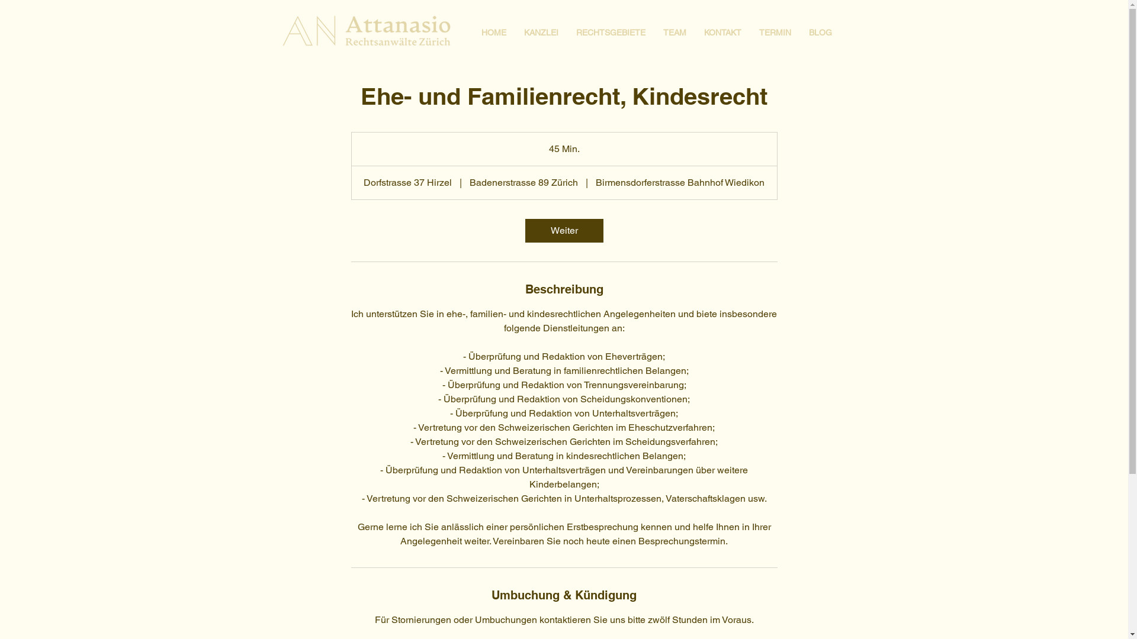  I want to click on 'BLOG', so click(819, 31).